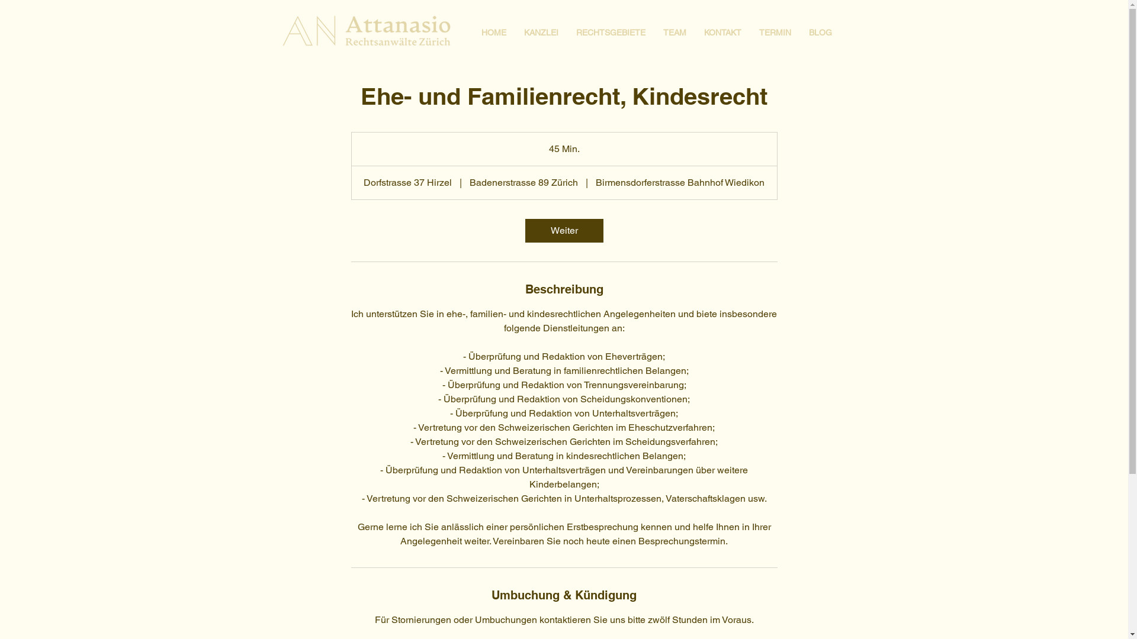  I want to click on 'BLOG', so click(819, 31).